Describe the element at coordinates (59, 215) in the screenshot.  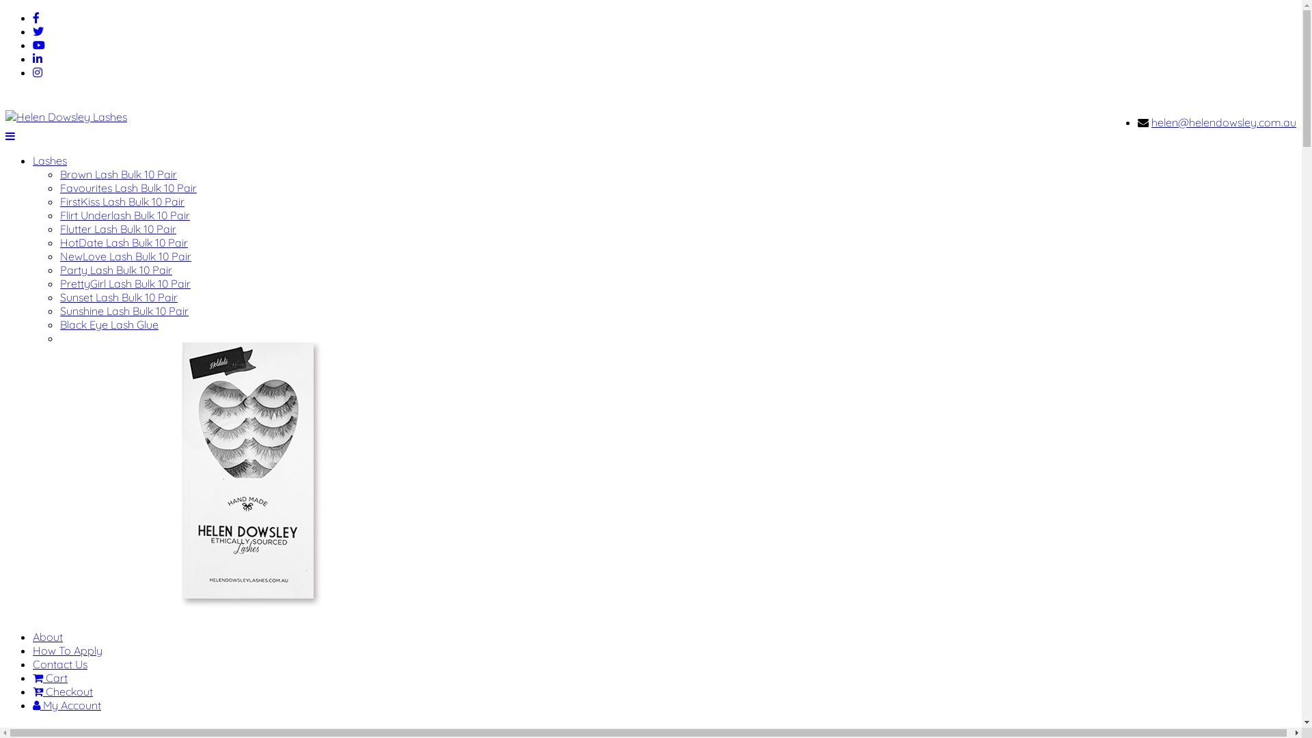
I see `'Flirt Underlash Bulk 10 Pair'` at that location.